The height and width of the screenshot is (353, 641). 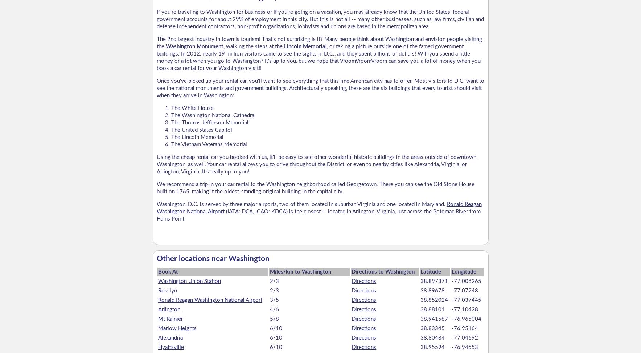 What do you see at coordinates (464, 290) in the screenshot?
I see `'-77.07248'` at bounding box center [464, 290].